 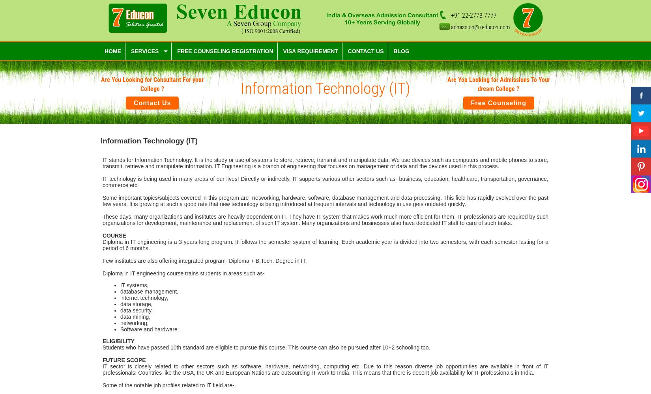 What do you see at coordinates (124, 360) in the screenshot?
I see `'FUTURE SCOPE'` at bounding box center [124, 360].